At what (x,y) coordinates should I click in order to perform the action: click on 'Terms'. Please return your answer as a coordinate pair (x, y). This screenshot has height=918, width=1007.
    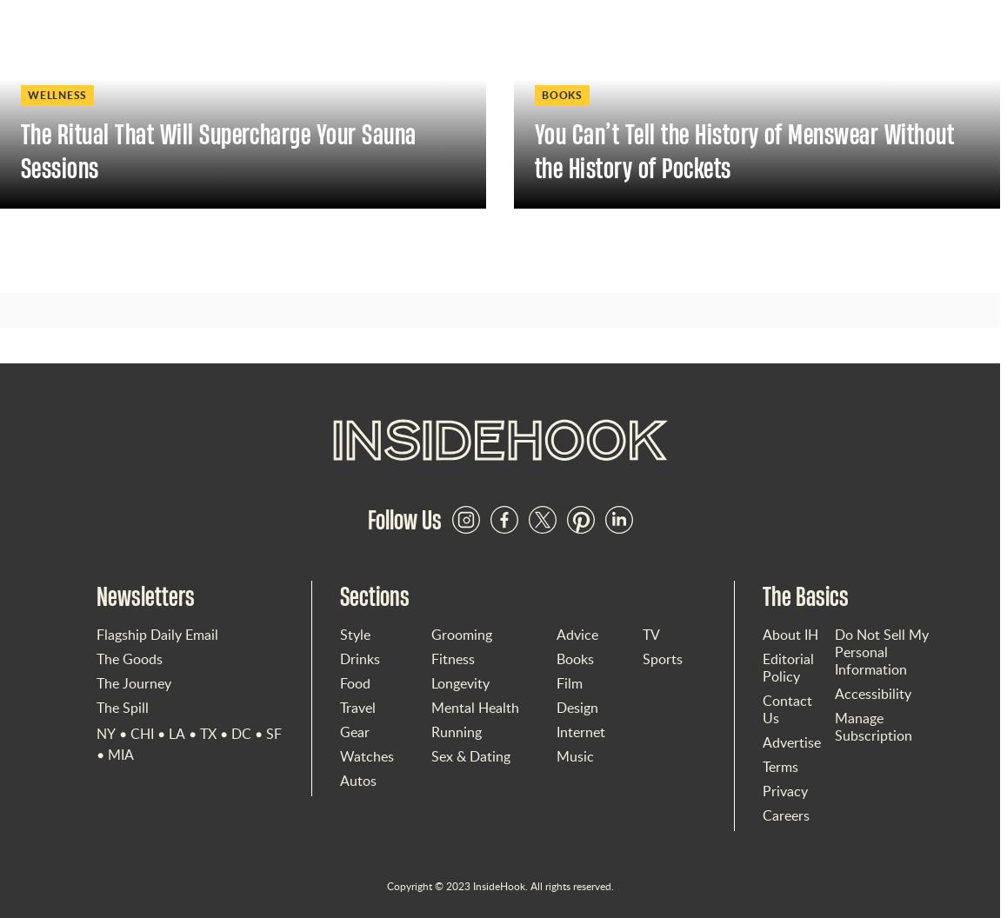
    Looking at the image, I should click on (779, 765).